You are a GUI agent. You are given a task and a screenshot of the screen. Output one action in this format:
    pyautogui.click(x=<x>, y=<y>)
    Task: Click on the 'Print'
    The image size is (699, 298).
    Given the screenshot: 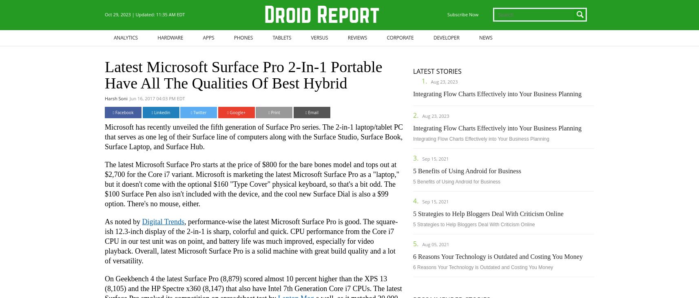 What is the action you would take?
    pyautogui.click(x=274, y=112)
    